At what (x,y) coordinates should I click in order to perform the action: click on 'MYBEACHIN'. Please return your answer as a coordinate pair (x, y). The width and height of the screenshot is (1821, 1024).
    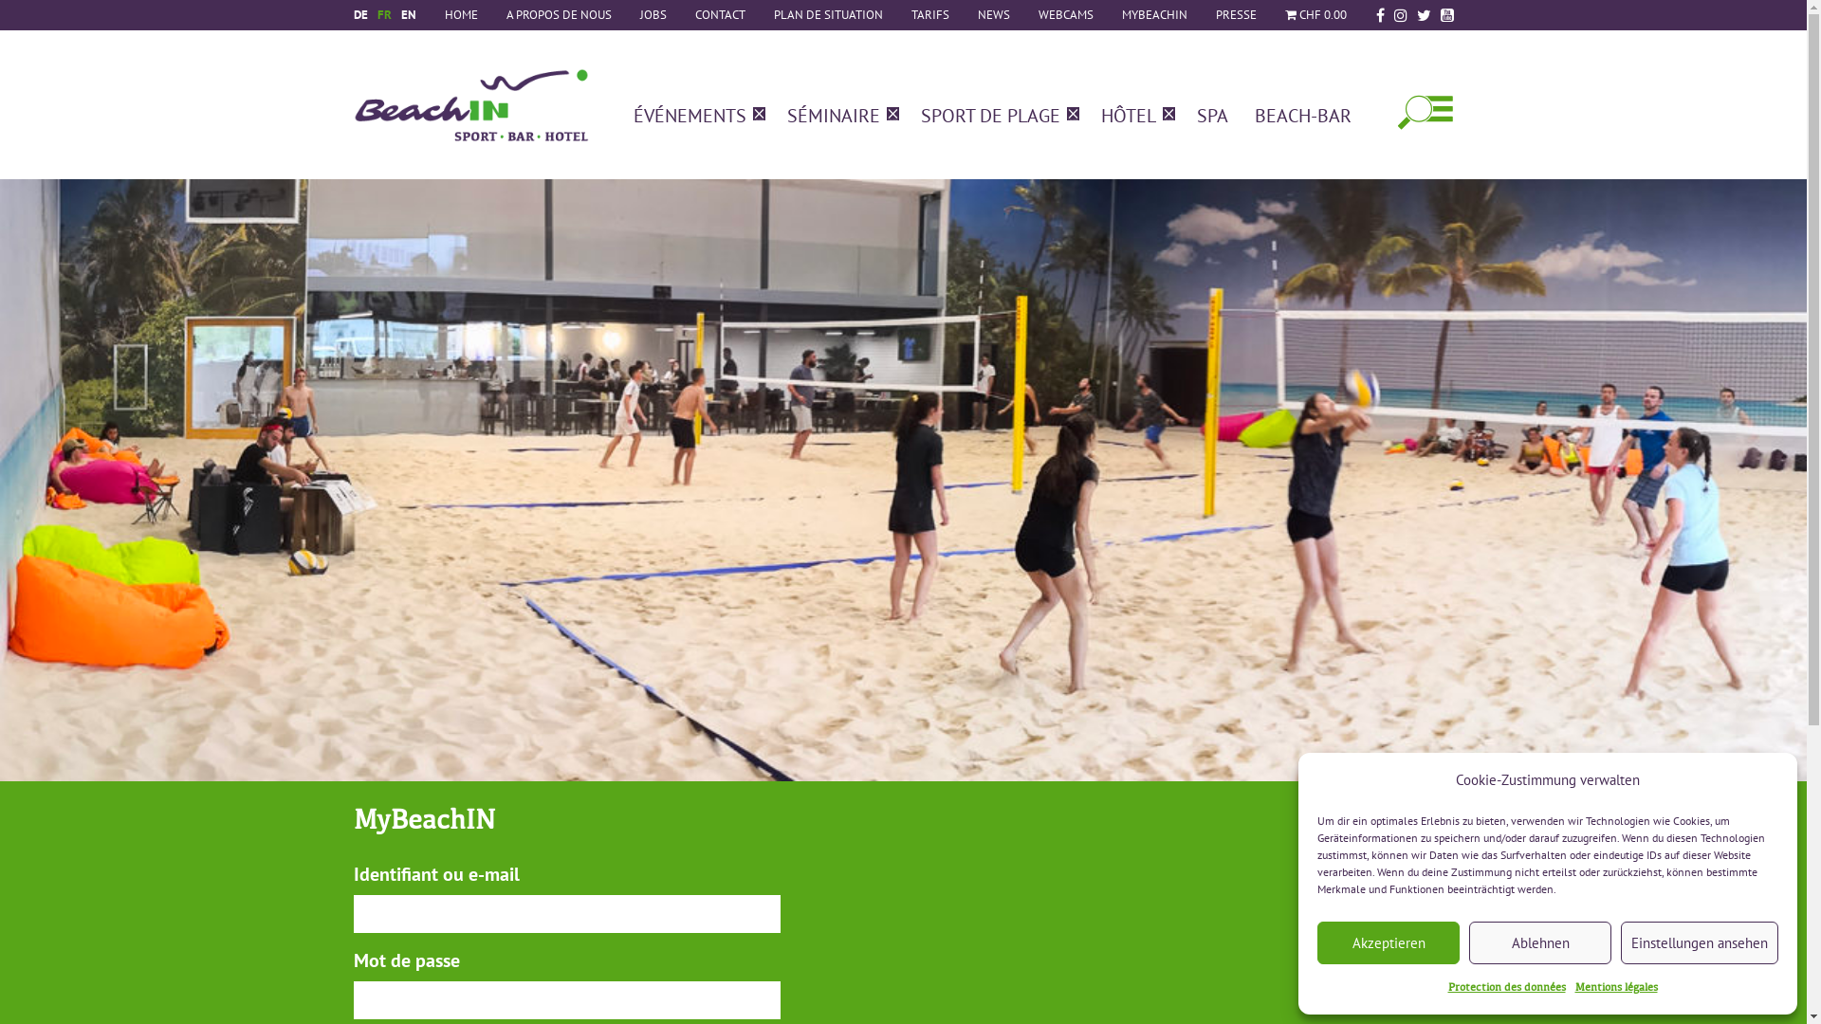
    Looking at the image, I should click on (1153, 14).